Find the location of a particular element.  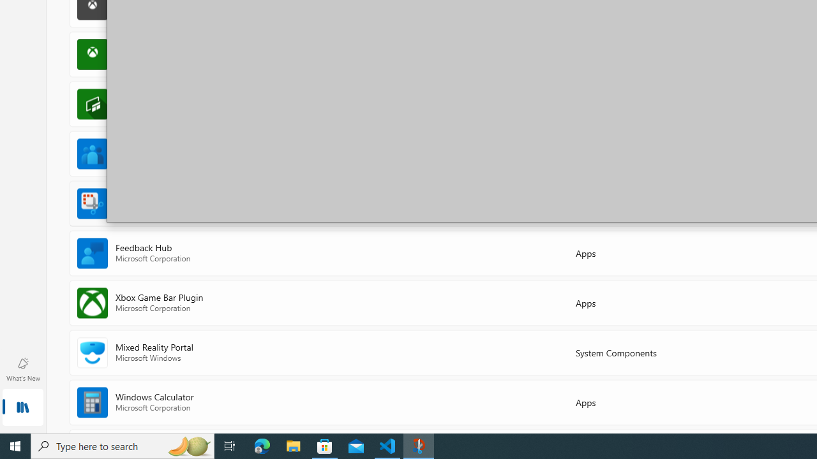

'Start' is located at coordinates (15, 445).